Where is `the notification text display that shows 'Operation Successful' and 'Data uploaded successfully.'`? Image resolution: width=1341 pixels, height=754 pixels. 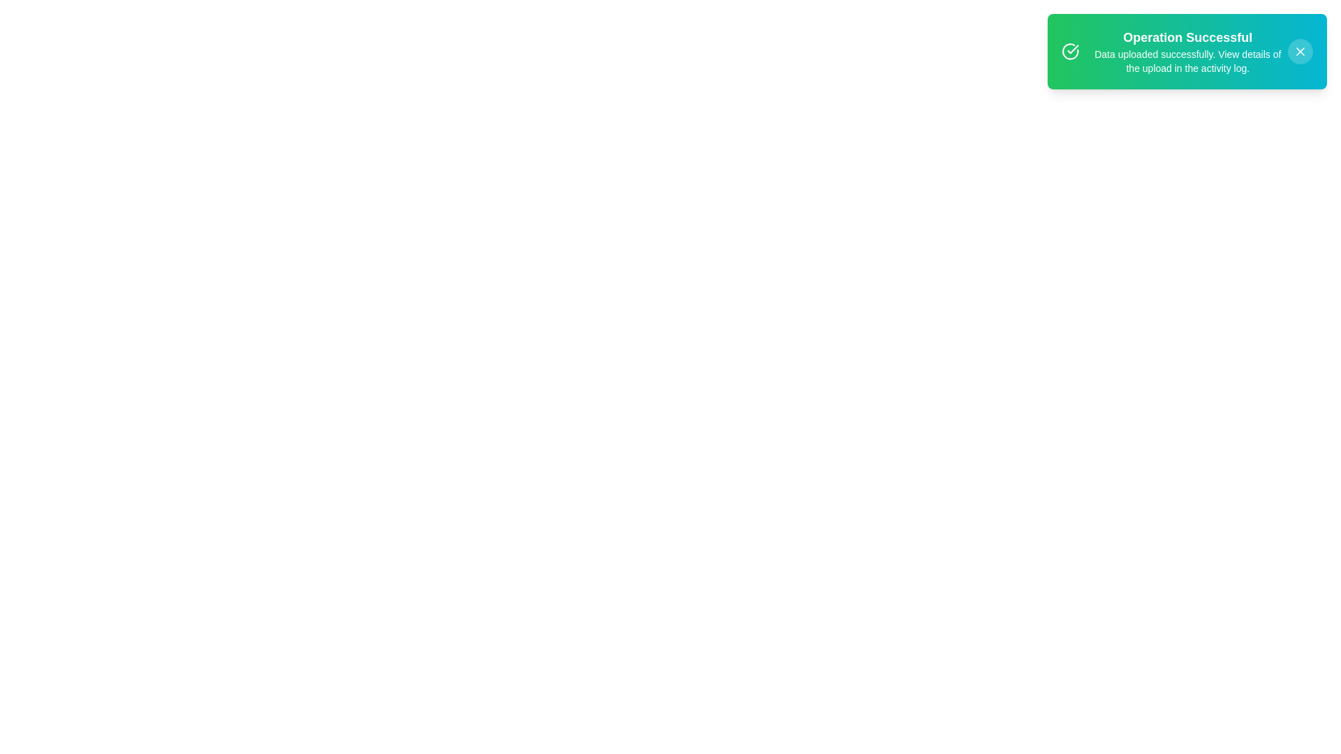 the notification text display that shows 'Operation Successful' and 'Data uploaded successfully.' is located at coordinates (1187, 50).